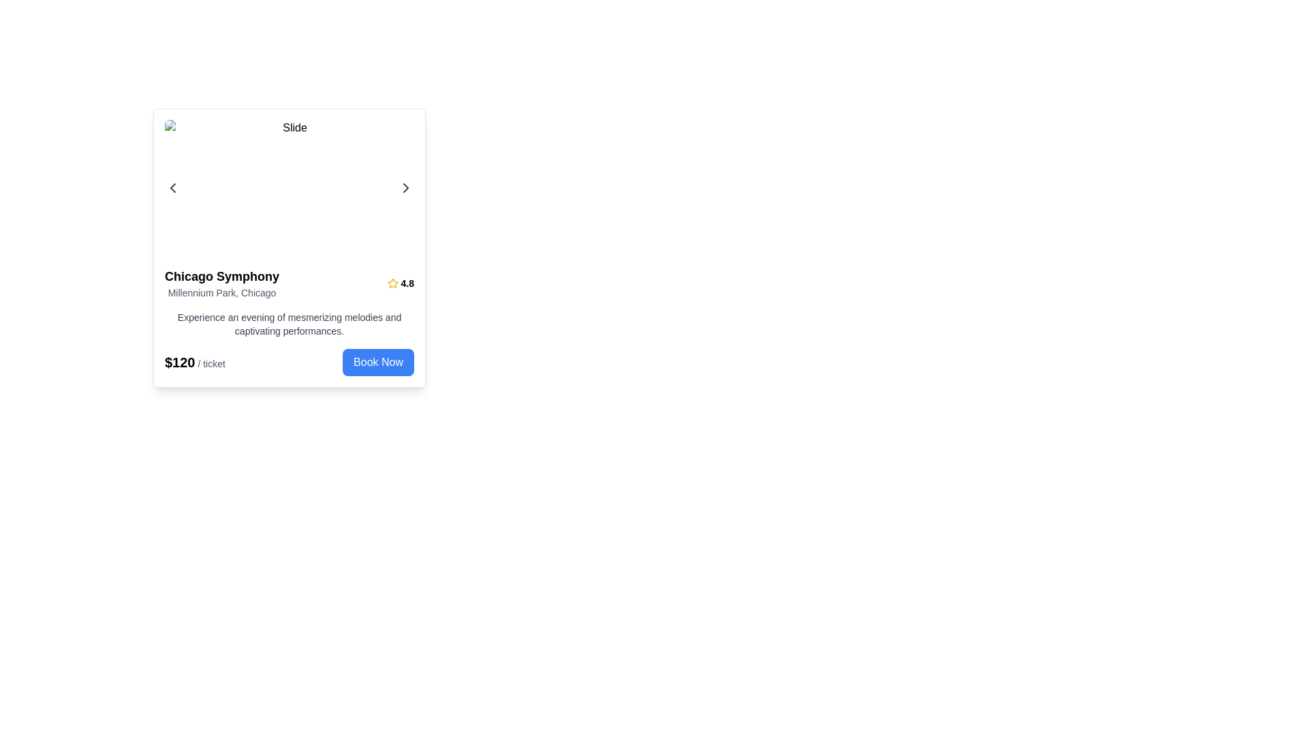  Describe the element at coordinates (194, 362) in the screenshot. I see `price text element displaying '$120 / ticket', which is located at the bottom-left of the card-style UI component` at that location.